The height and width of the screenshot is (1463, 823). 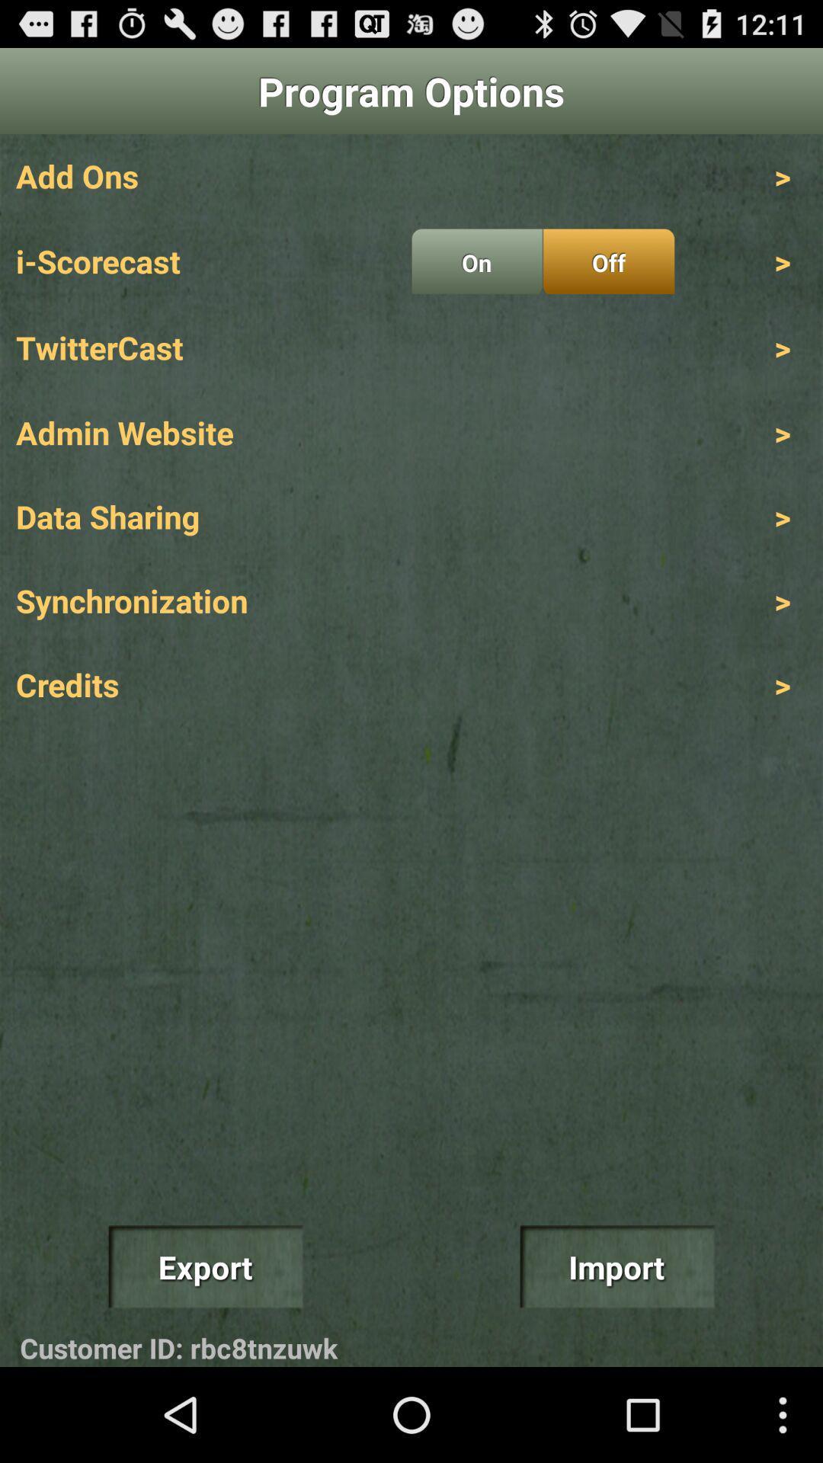 What do you see at coordinates (608, 261) in the screenshot?
I see `the off icon` at bounding box center [608, 261].